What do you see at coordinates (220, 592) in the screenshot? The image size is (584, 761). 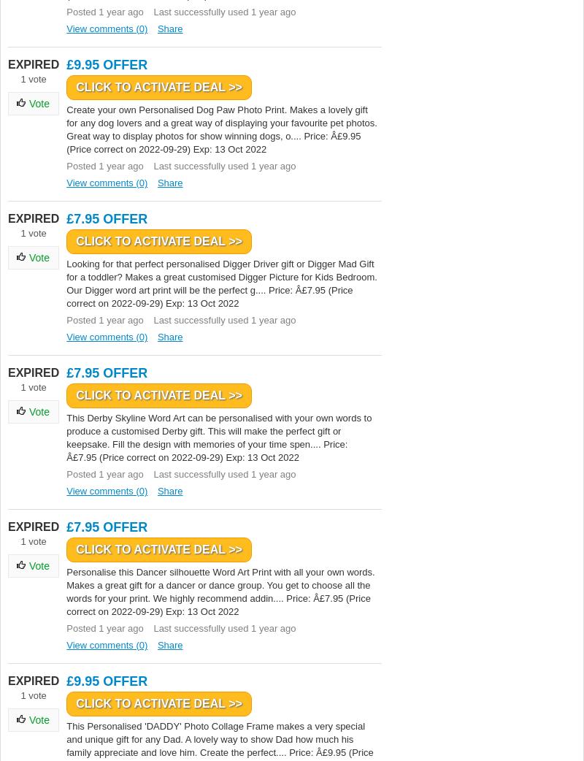 I see `'Personalise this Dancer silhouette Word Art Print with all your own words. Makes a great gift for a dancer or dance group. You get to choose all the words for your print. We highly recommend addin.... Price: Â£7.95 (Price correct on 2022-09-29) Exp: 13 Oct 2022'` at bounding box center [220, 592].